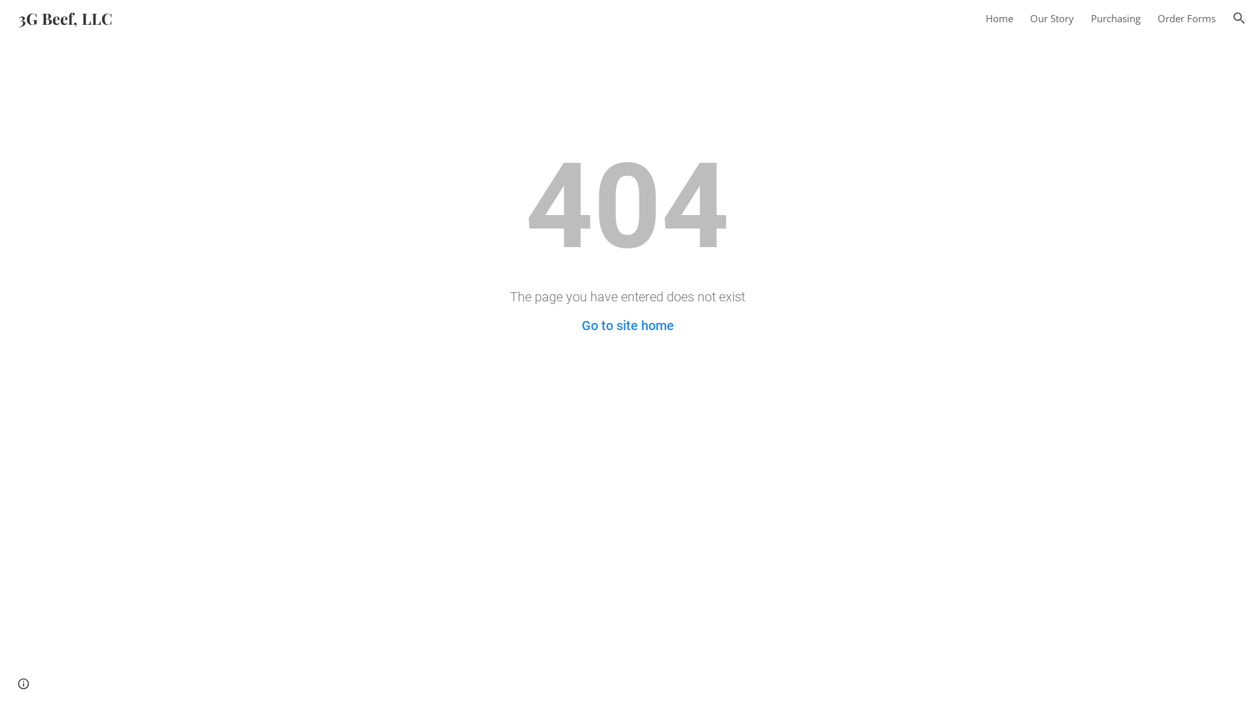 This screenshot has width=1255, height=706. I want to click on '3G Beef, LLC', so click(10, 15).